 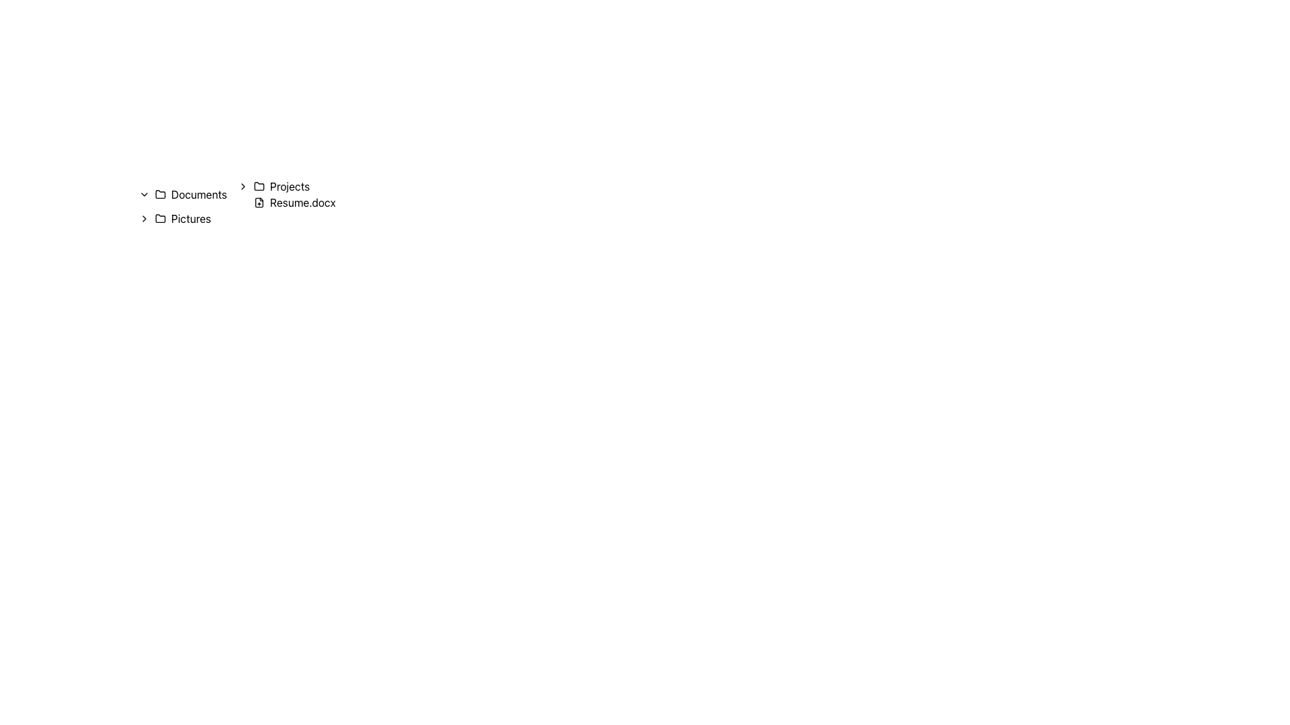 What do you see at coordinates (161, 217) in the screenshot?
I see `the 'Pictures' folder icon` at bounding box center [161, 217].